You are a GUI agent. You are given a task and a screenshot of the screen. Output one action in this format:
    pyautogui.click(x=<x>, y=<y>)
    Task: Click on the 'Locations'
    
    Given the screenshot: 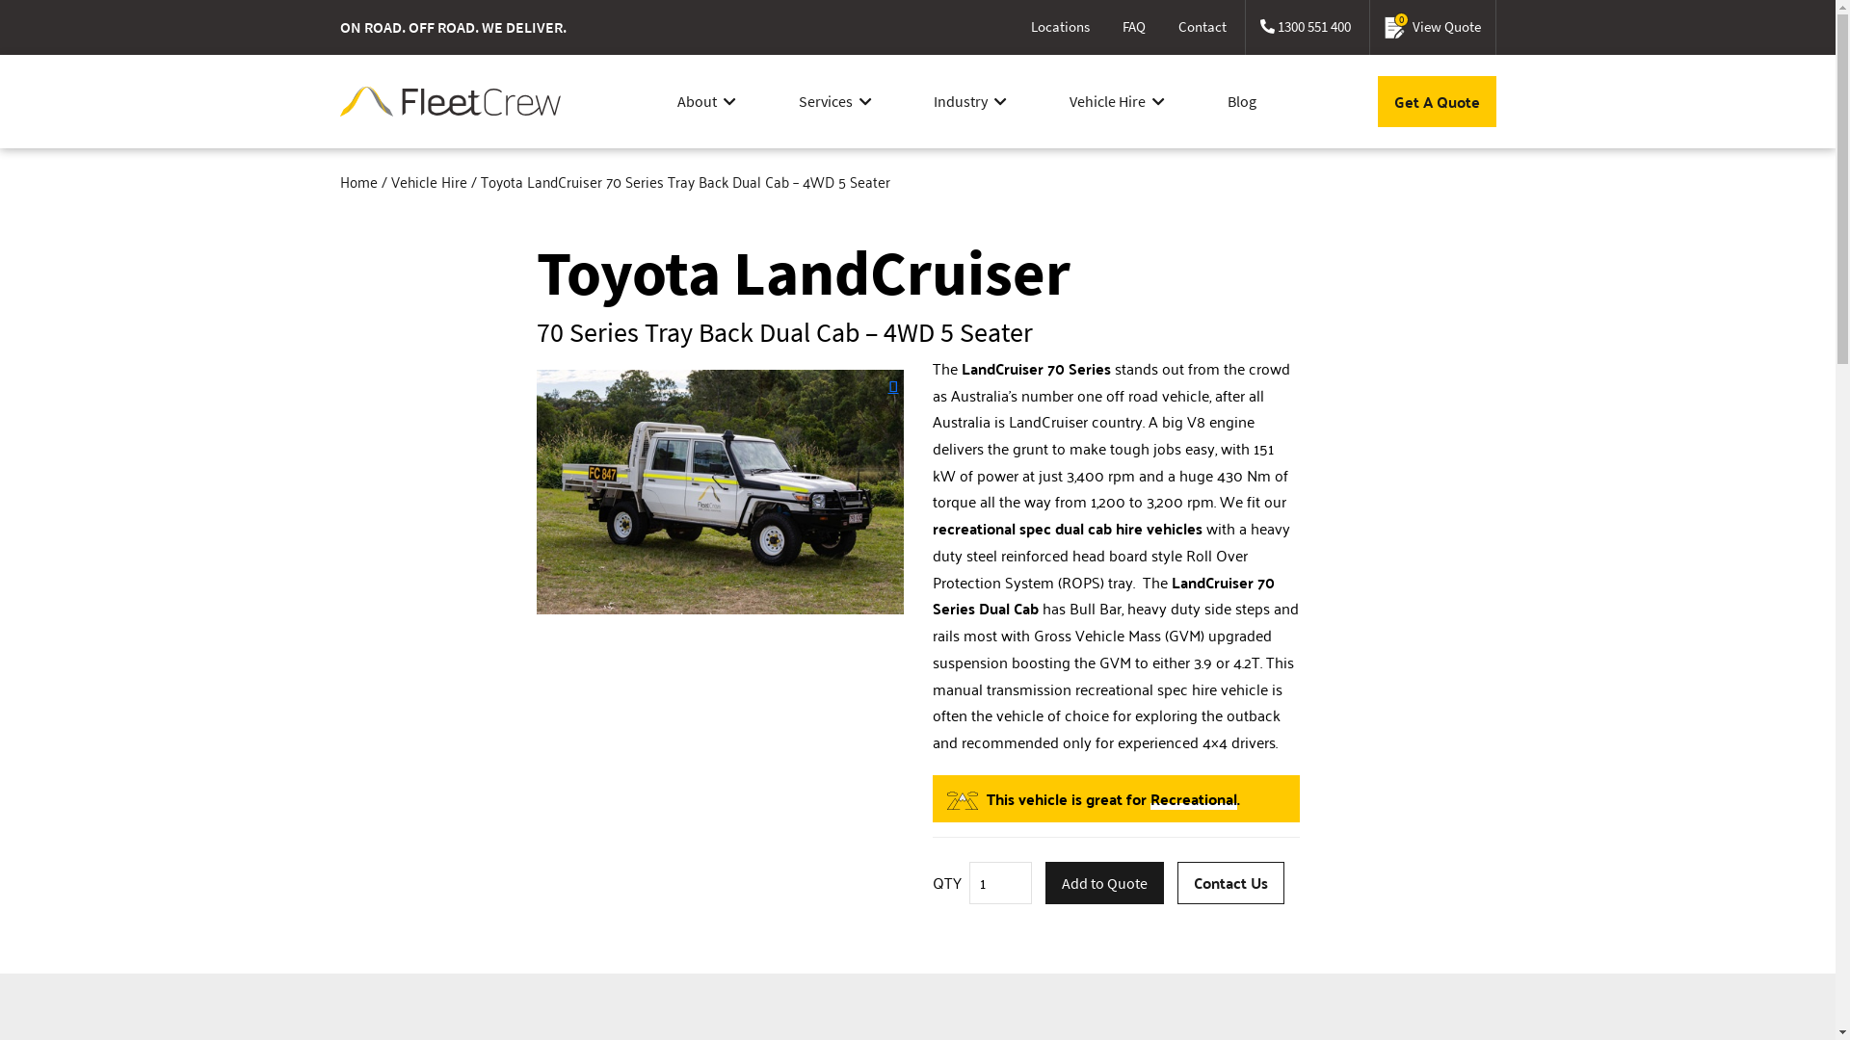 What is the action you would take?
    pyautogui.click(x=1015, y=27)
    